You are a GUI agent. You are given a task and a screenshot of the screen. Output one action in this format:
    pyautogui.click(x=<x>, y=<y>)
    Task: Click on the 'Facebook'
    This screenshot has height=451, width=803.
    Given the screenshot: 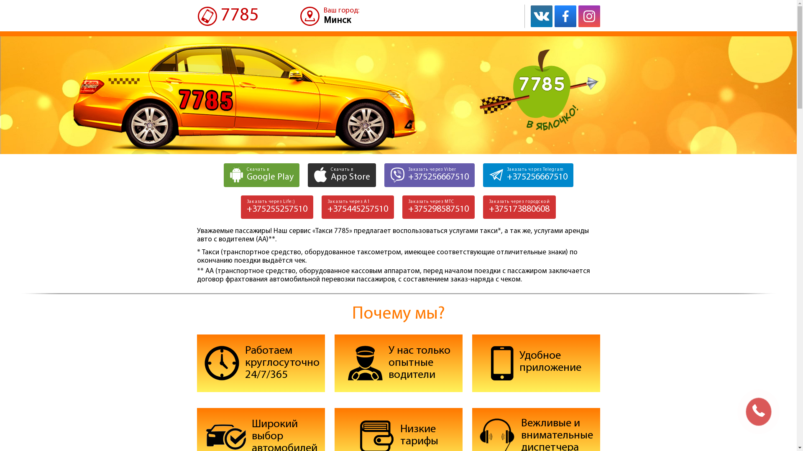 What is the action you would take?
    pyautogui.click(x=565, y=16)
    